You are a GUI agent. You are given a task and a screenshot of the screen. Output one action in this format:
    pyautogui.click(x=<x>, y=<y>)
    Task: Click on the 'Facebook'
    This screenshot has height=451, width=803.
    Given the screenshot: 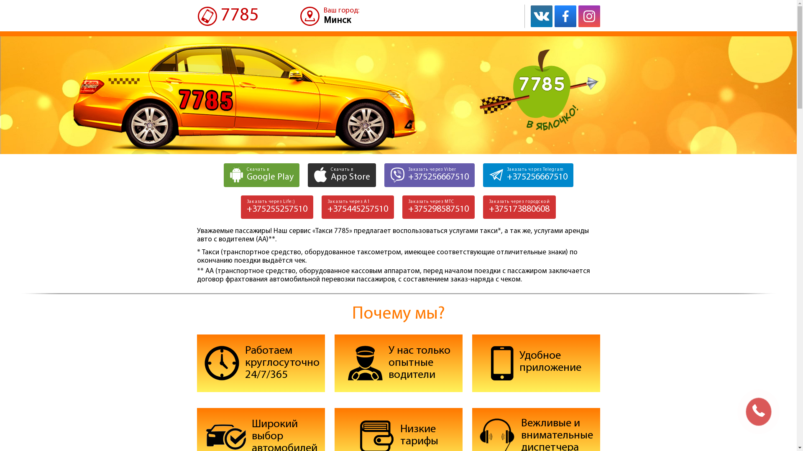 What is the action you would take?
    pyautogui.click(x=565, y=16)
    